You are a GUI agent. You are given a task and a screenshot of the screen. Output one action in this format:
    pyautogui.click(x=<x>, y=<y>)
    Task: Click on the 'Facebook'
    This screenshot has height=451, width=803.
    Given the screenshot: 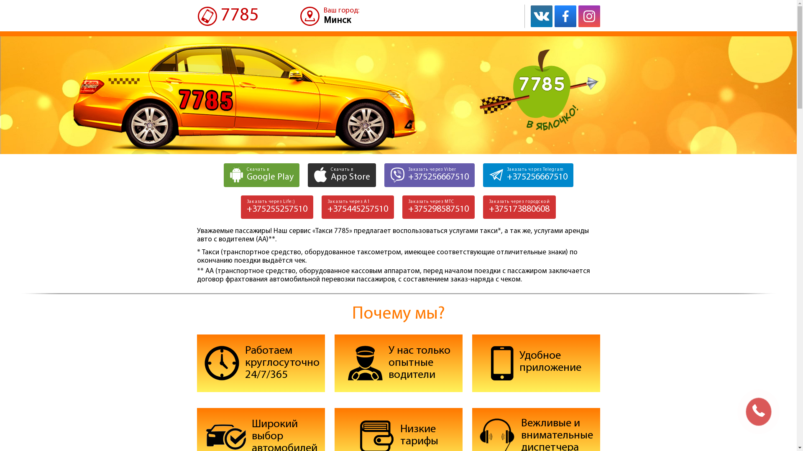 What is the action you would take?
    pyautogui.click(x=565, y=16)
    